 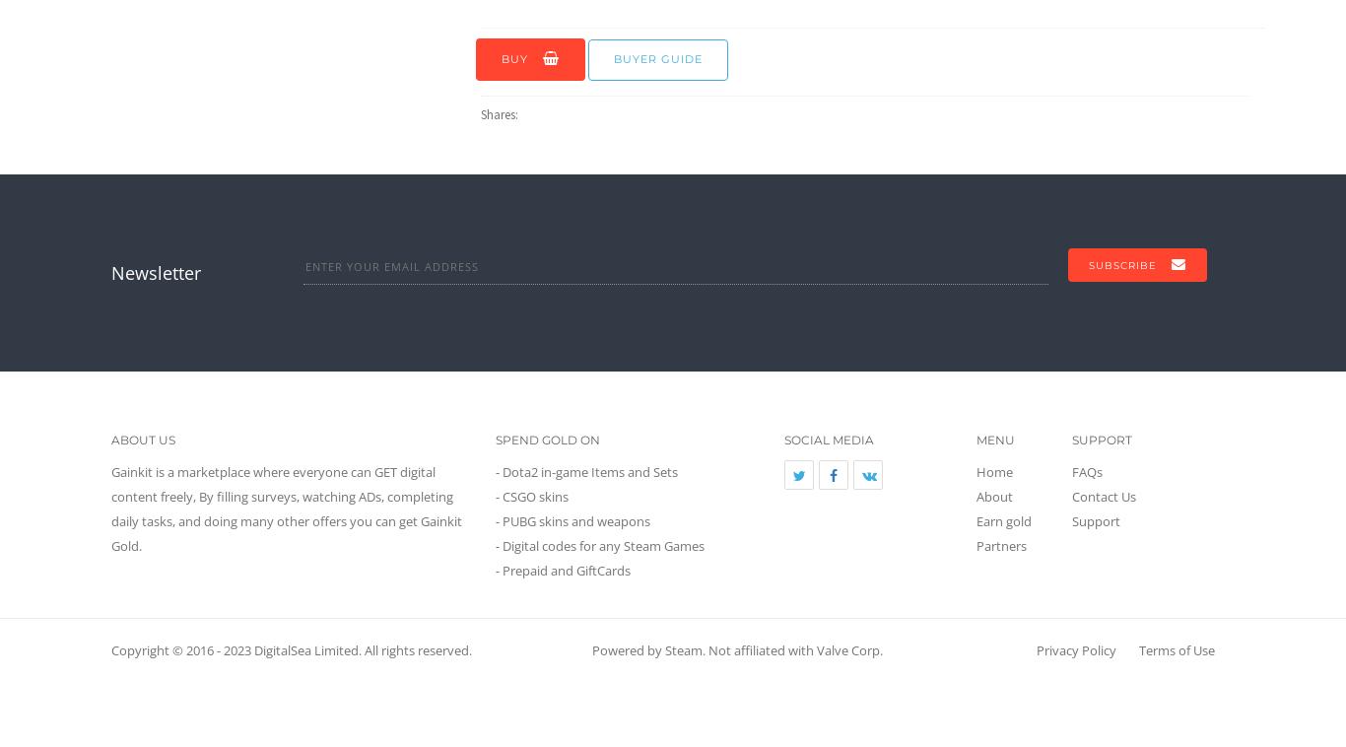 What do you see at coordinates (1086, 469) in the screenshot?
I see `'FAQs'` at bounding box center [1086, 469].